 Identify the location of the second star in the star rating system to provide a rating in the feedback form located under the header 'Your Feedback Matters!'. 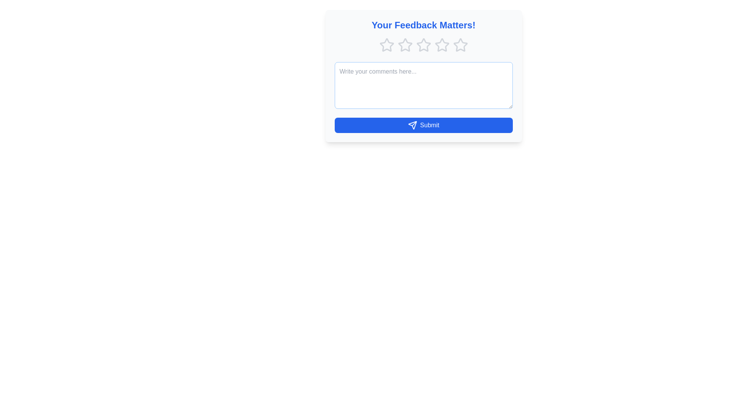
(405, 45).